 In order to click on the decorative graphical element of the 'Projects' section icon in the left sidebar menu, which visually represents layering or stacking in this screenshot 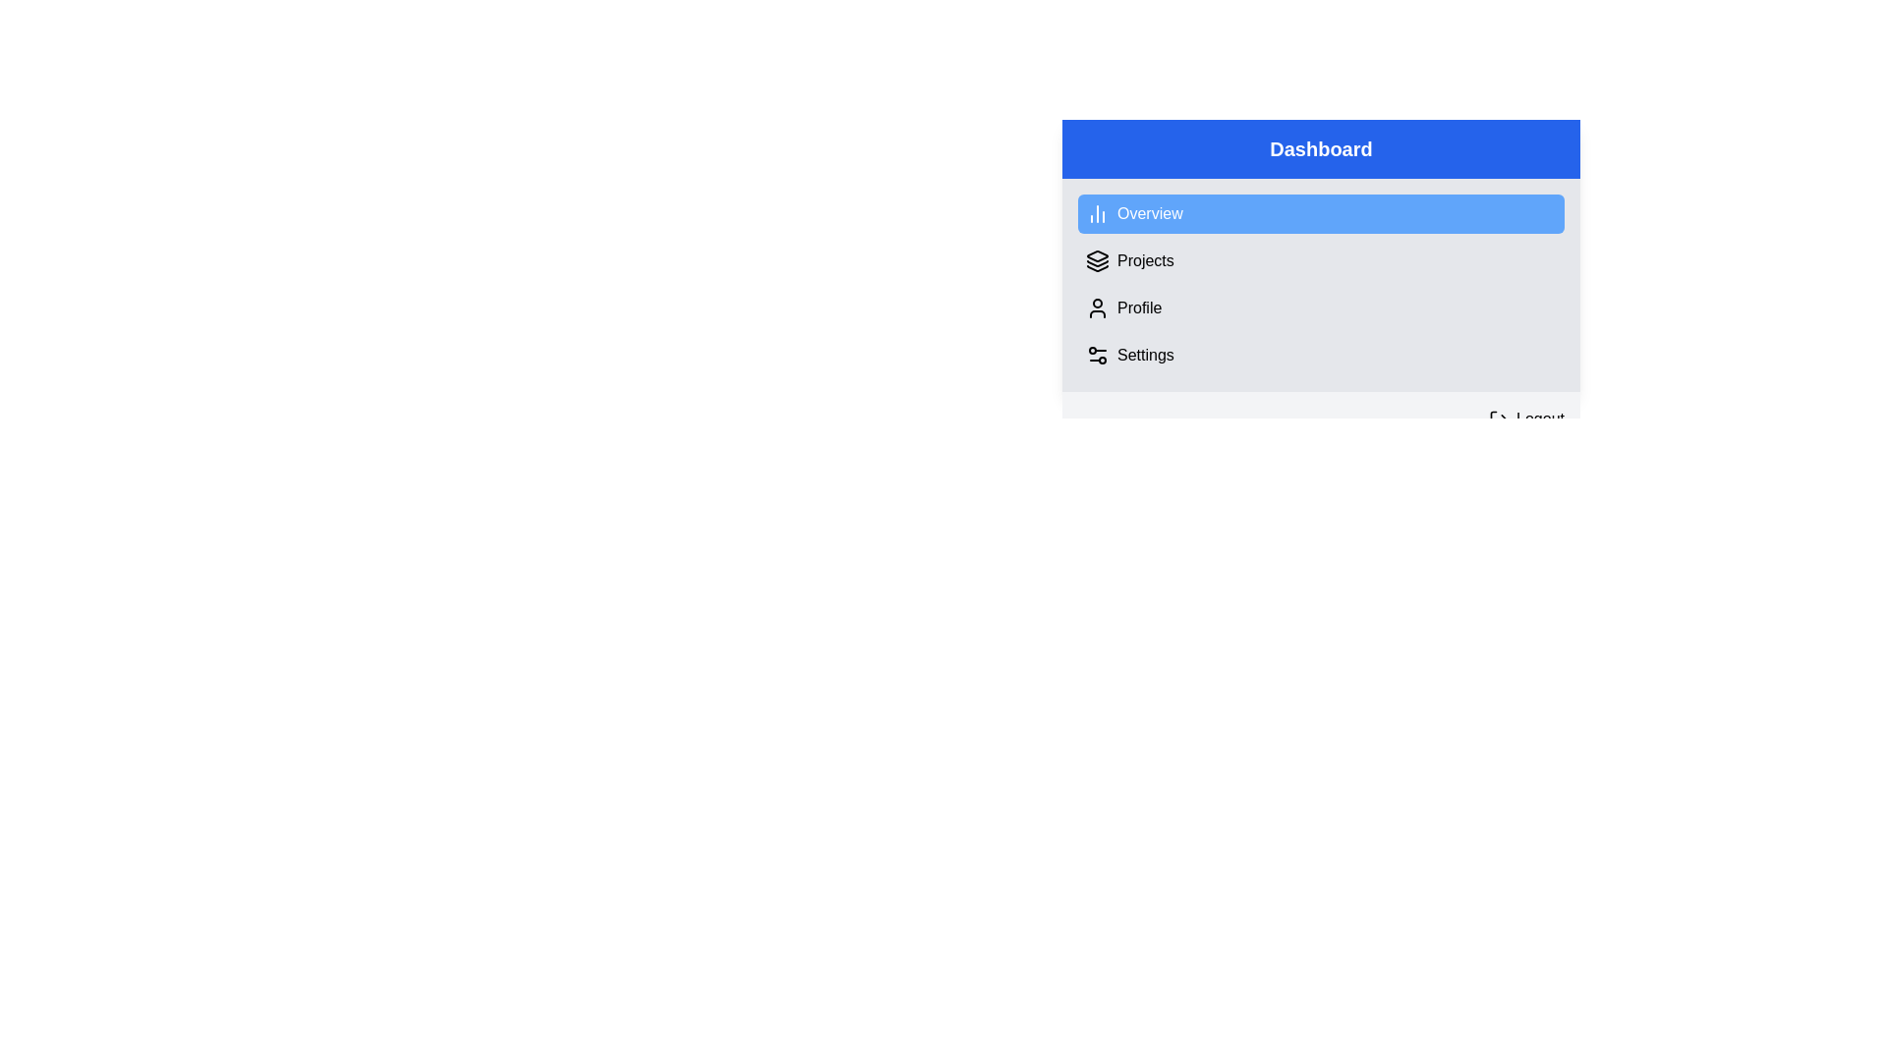, I will do `click(1097, 261)`.